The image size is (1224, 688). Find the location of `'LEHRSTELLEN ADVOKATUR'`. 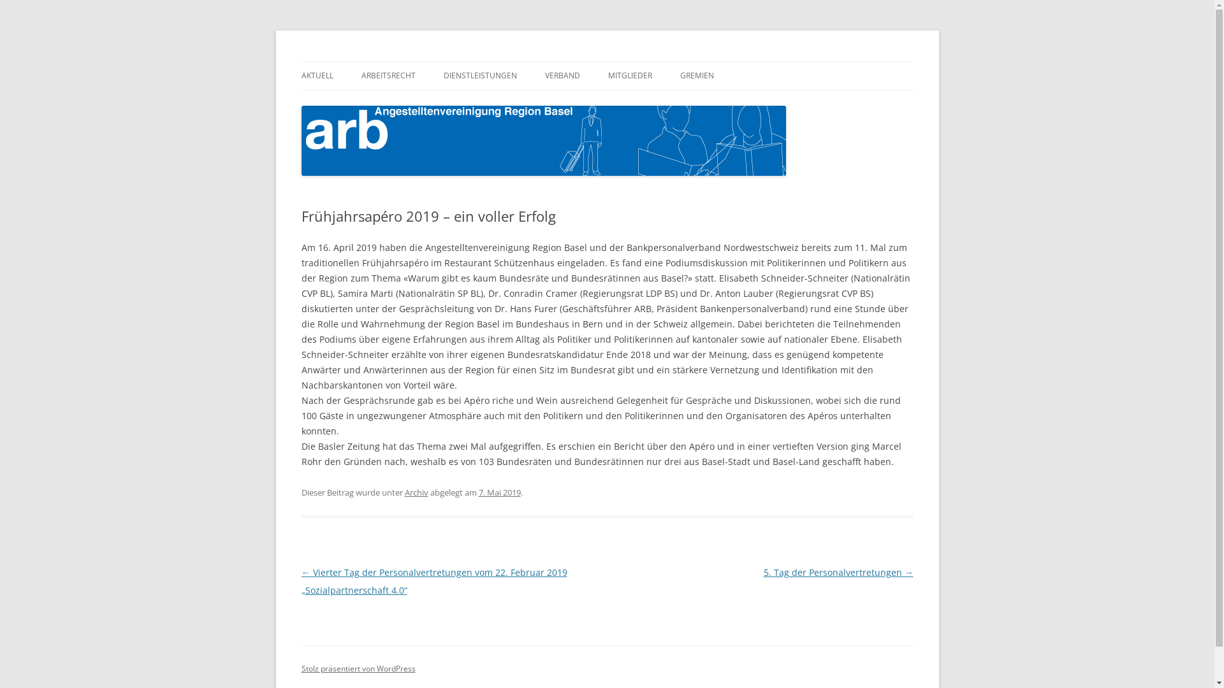

'LEHRSTELLEN ADVOKATUR' is located at coordinates (444, 102).